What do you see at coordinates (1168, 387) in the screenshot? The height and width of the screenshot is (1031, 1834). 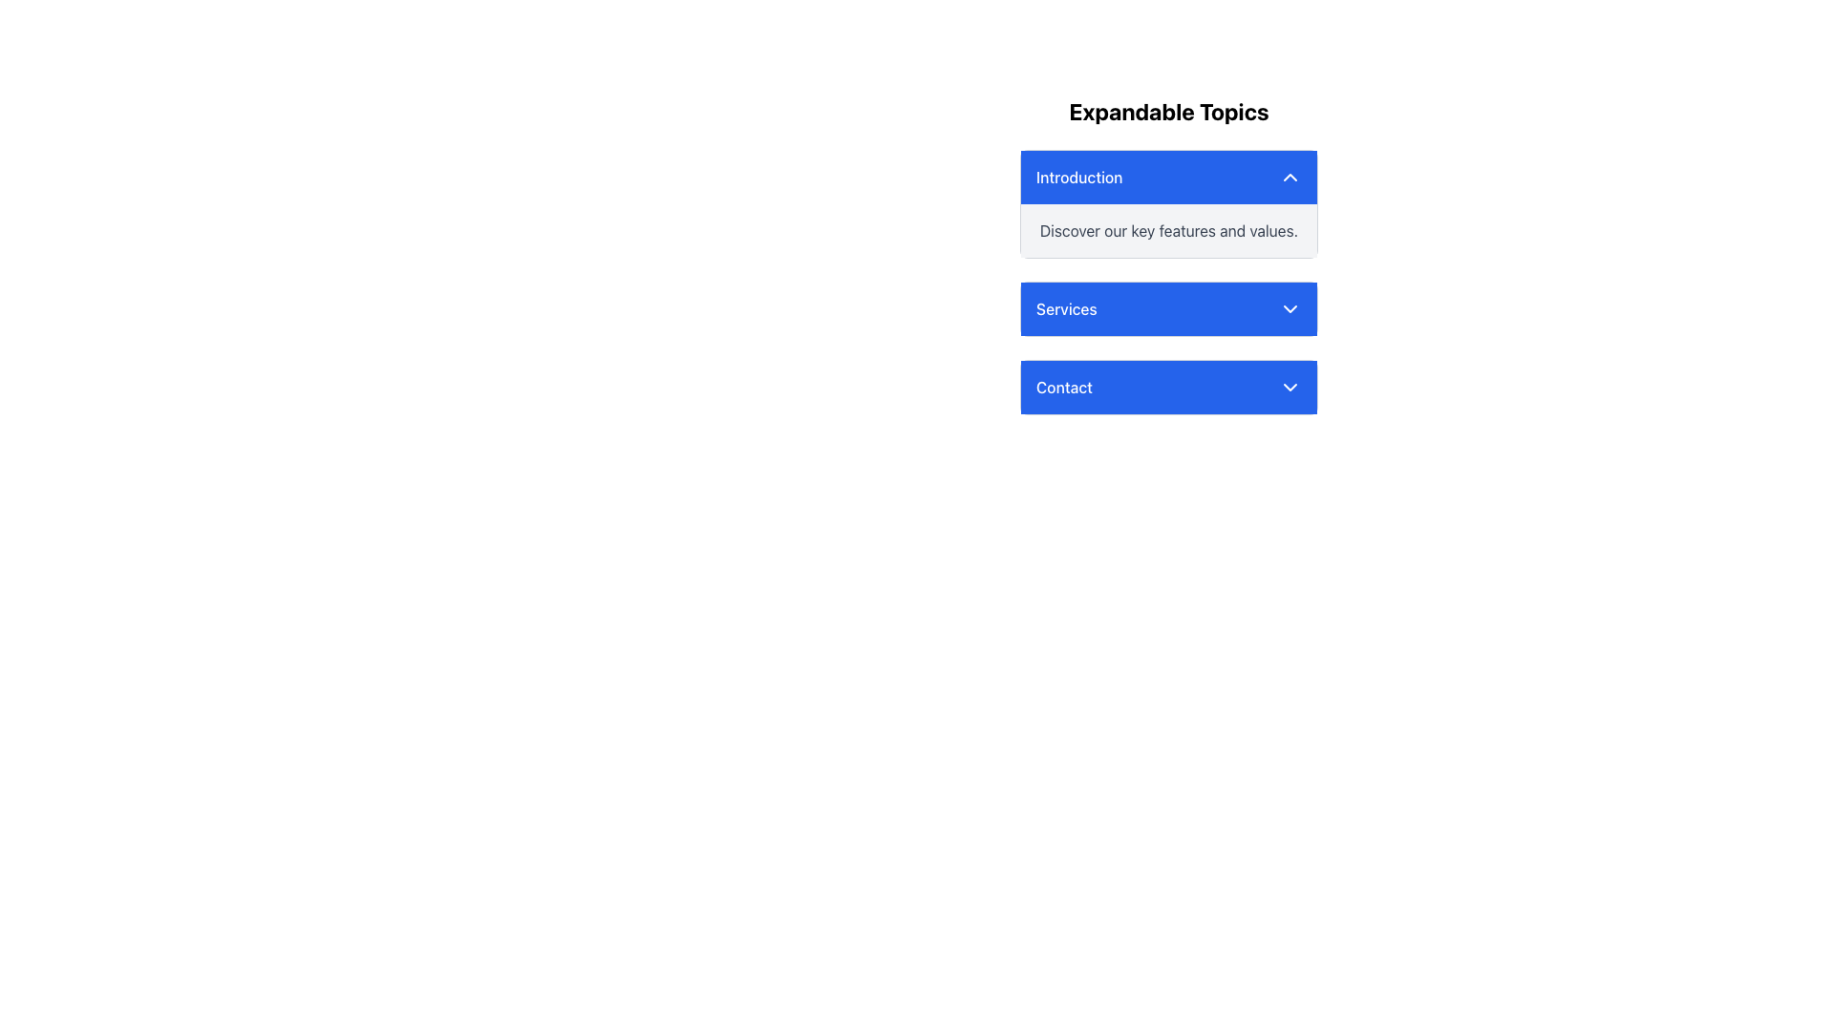 I see `the 'Contact' button with a blue background and a downward-facing chevron icon` at bounding box center [1168, 387].